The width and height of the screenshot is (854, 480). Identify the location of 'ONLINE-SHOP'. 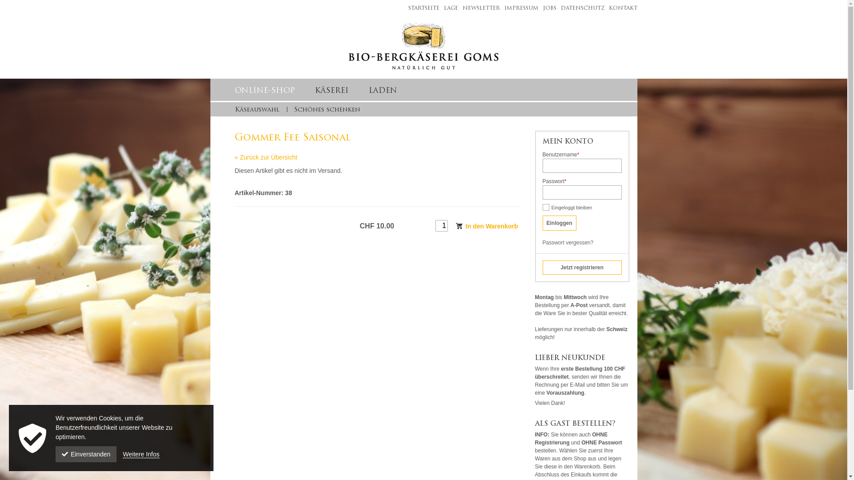
(264, 91).